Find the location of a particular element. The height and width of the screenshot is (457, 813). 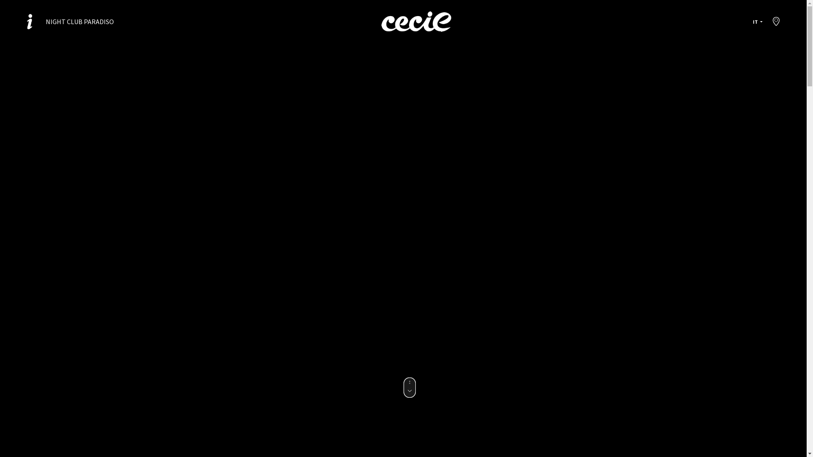

'IT' is located at coordinates (749, 21).